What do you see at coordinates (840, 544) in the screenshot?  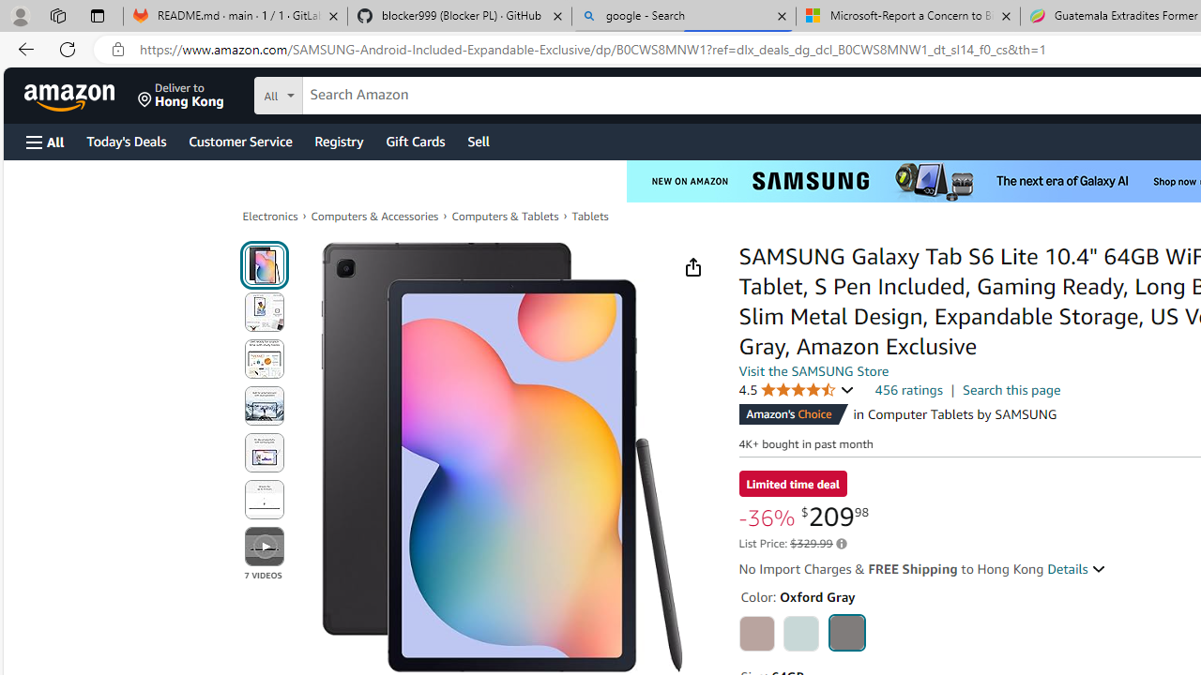 I see `'Learn more about Amazon pricing and savings'` at bounding box center [840, 544].